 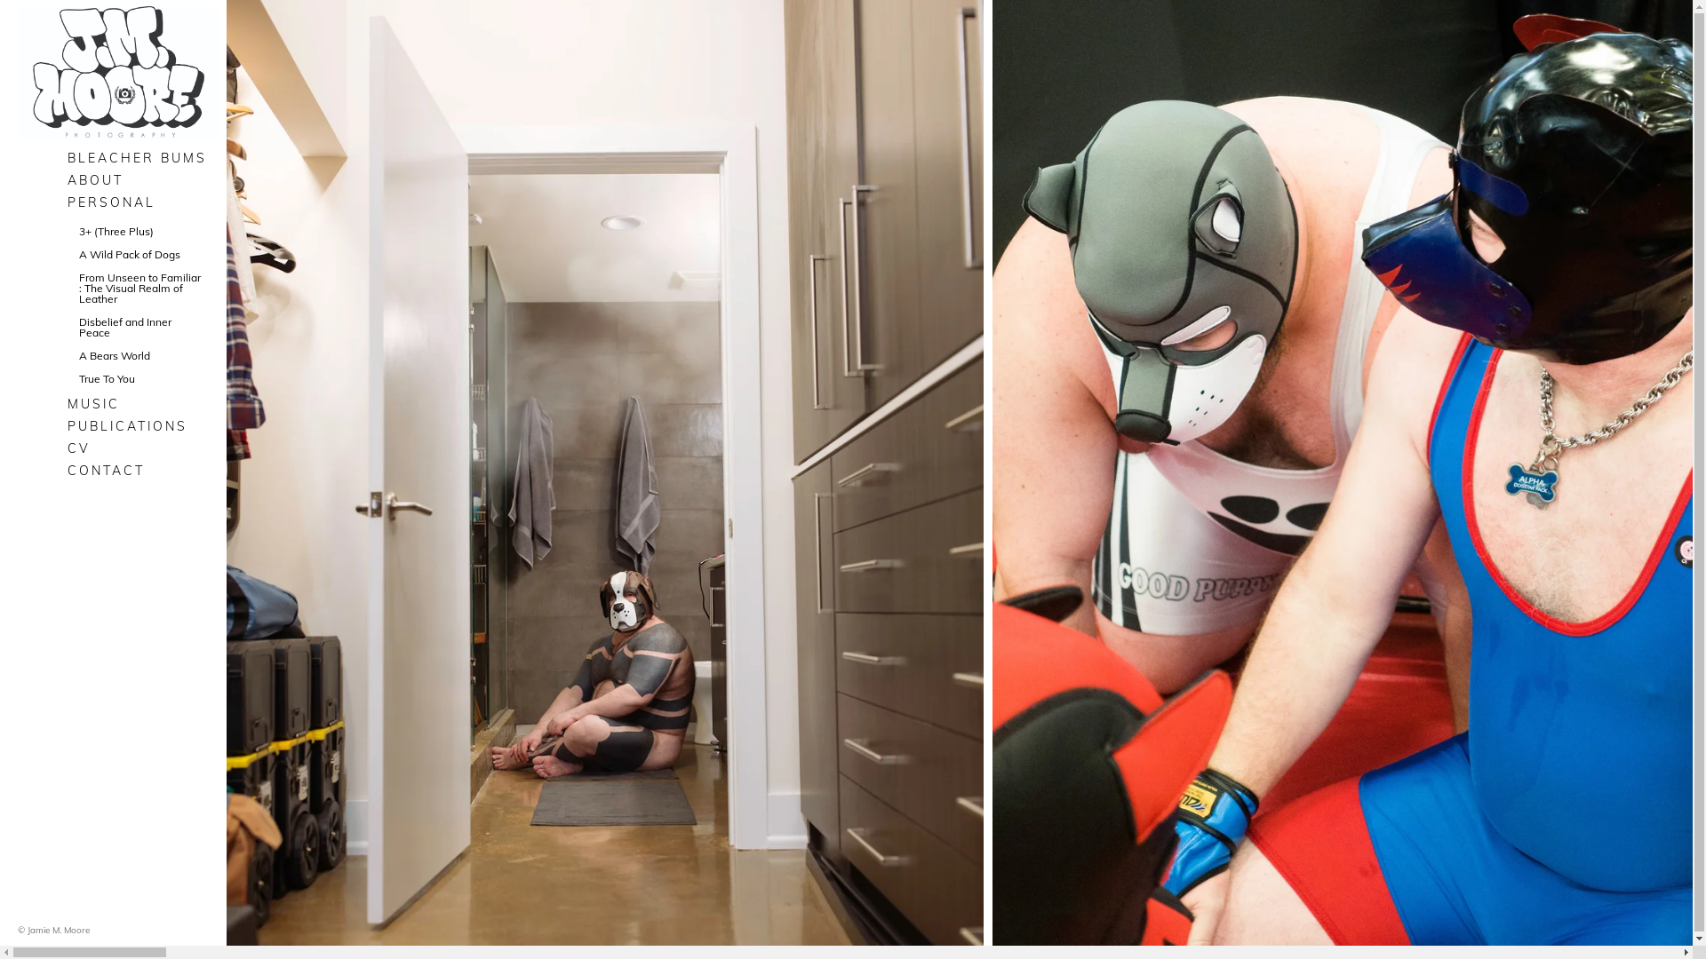 I want to click on 'True To You', so click(x=139, y=378).